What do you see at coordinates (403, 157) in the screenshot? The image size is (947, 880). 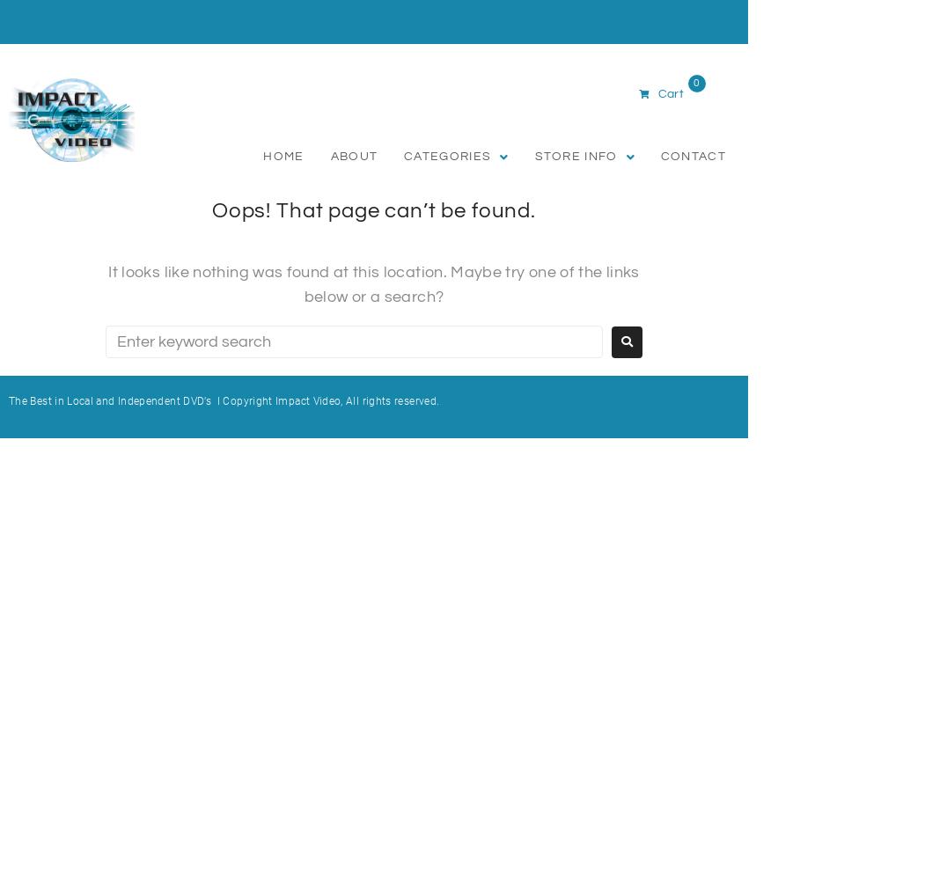 I see `'Categories'` at bounding box center [403, 157].